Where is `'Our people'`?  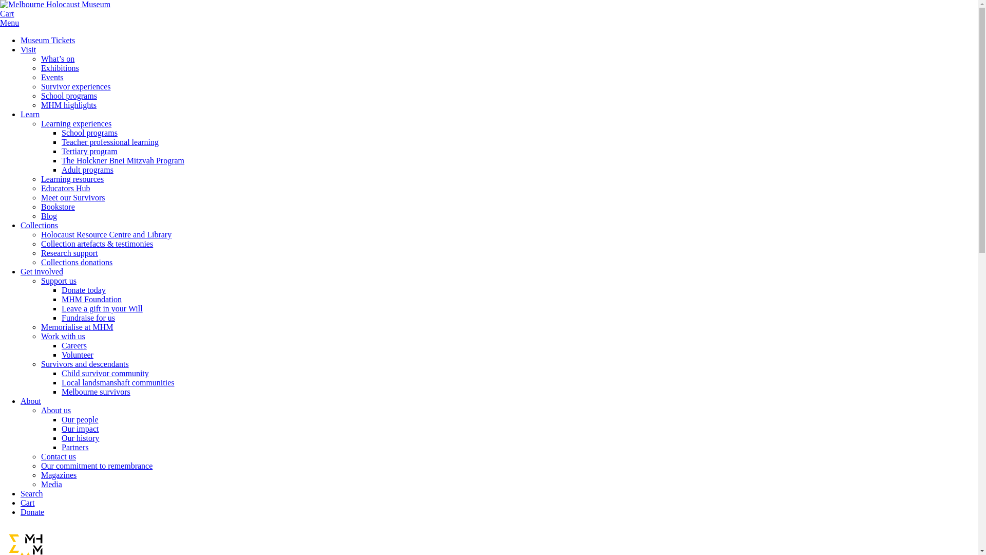 'Our people' is located at coordinates (80, 419).